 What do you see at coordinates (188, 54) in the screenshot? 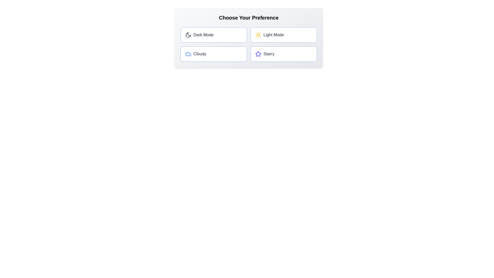
I see `the 'Cloudy' icon in the preference selection interface` at bounding box center [188, 54].